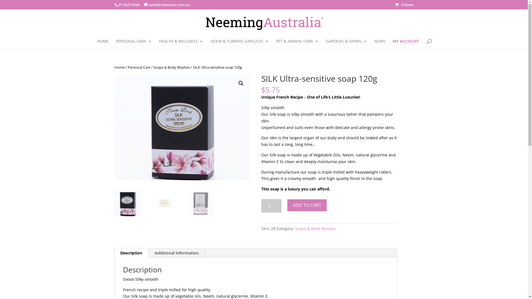  Describe the element at coordinates (144, 4) in the screenshot. I see `'sales@neemaus.com.au'` at that location.